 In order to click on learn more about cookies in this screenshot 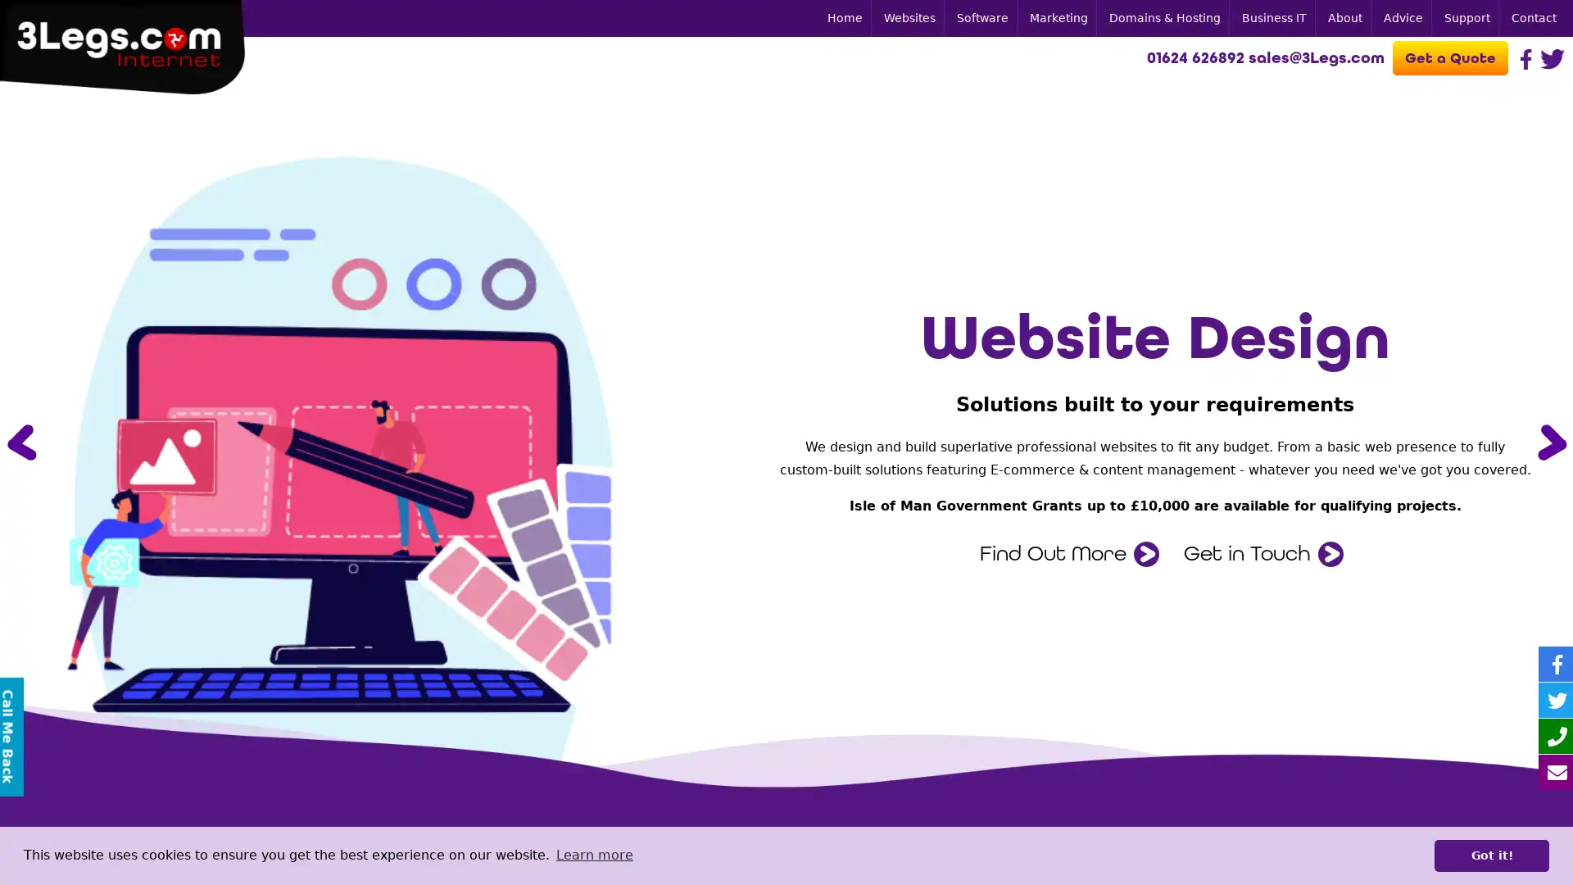, I will do `click(593, 855)`.